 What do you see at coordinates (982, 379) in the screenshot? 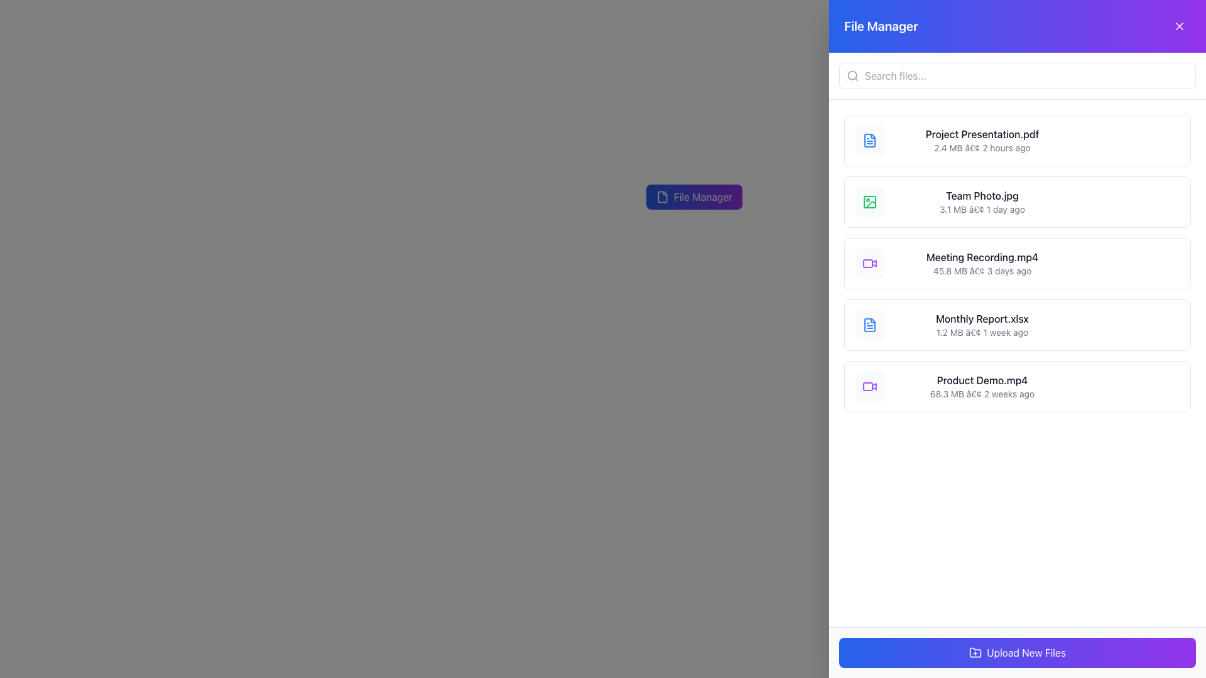
I see `on the text label displaying the name of the file located at the bottom section of the vertically stacked list` at bounding box center [982, 379].